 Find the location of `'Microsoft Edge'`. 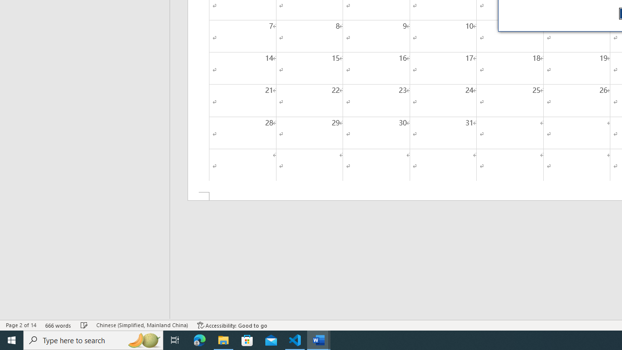

'Microsoft Edge' is located at coordinates (199, 339).